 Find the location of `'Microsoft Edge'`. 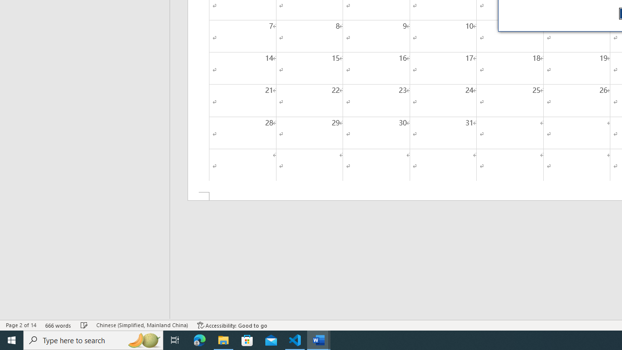

'Microsoft Edge' is located at coordinates (199, 339).